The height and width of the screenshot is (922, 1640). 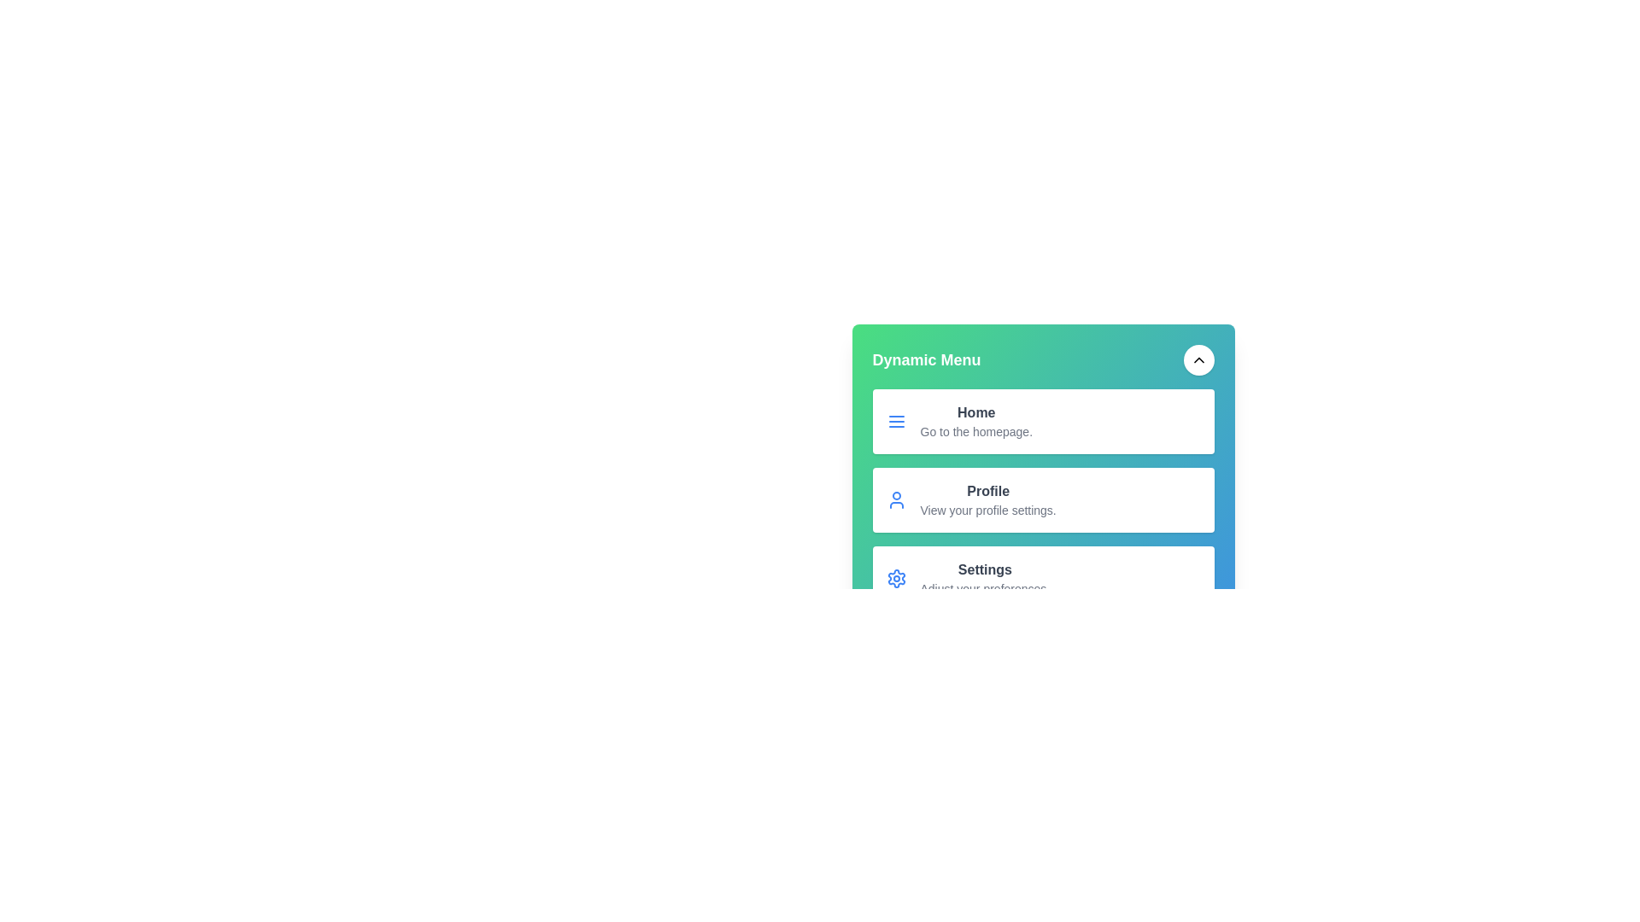 I want to click on the first button or link in the 'Dynamic Menu', so click(x=1042, y=421).